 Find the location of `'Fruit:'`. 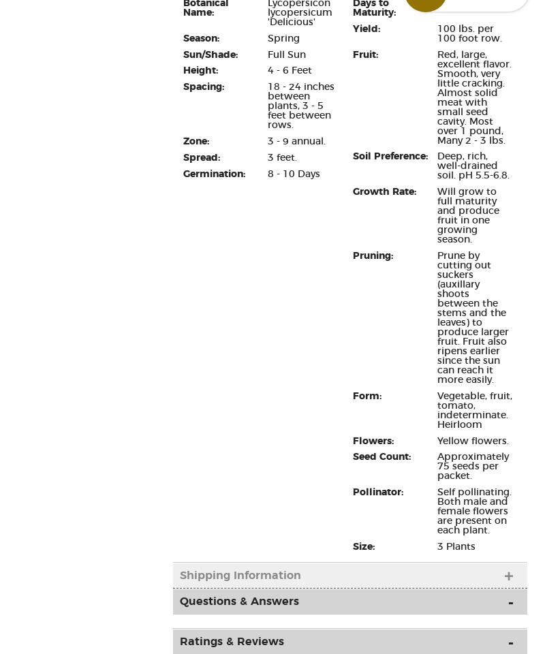

'Fruit:' is located at coordinates (364, 54).